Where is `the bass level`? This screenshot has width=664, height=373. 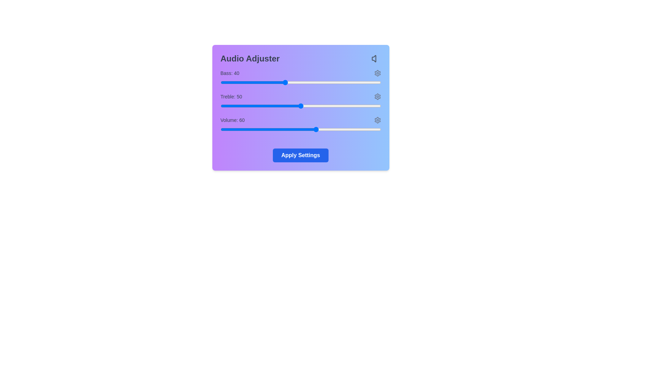
the bass level is located at coordinates (222, 82).